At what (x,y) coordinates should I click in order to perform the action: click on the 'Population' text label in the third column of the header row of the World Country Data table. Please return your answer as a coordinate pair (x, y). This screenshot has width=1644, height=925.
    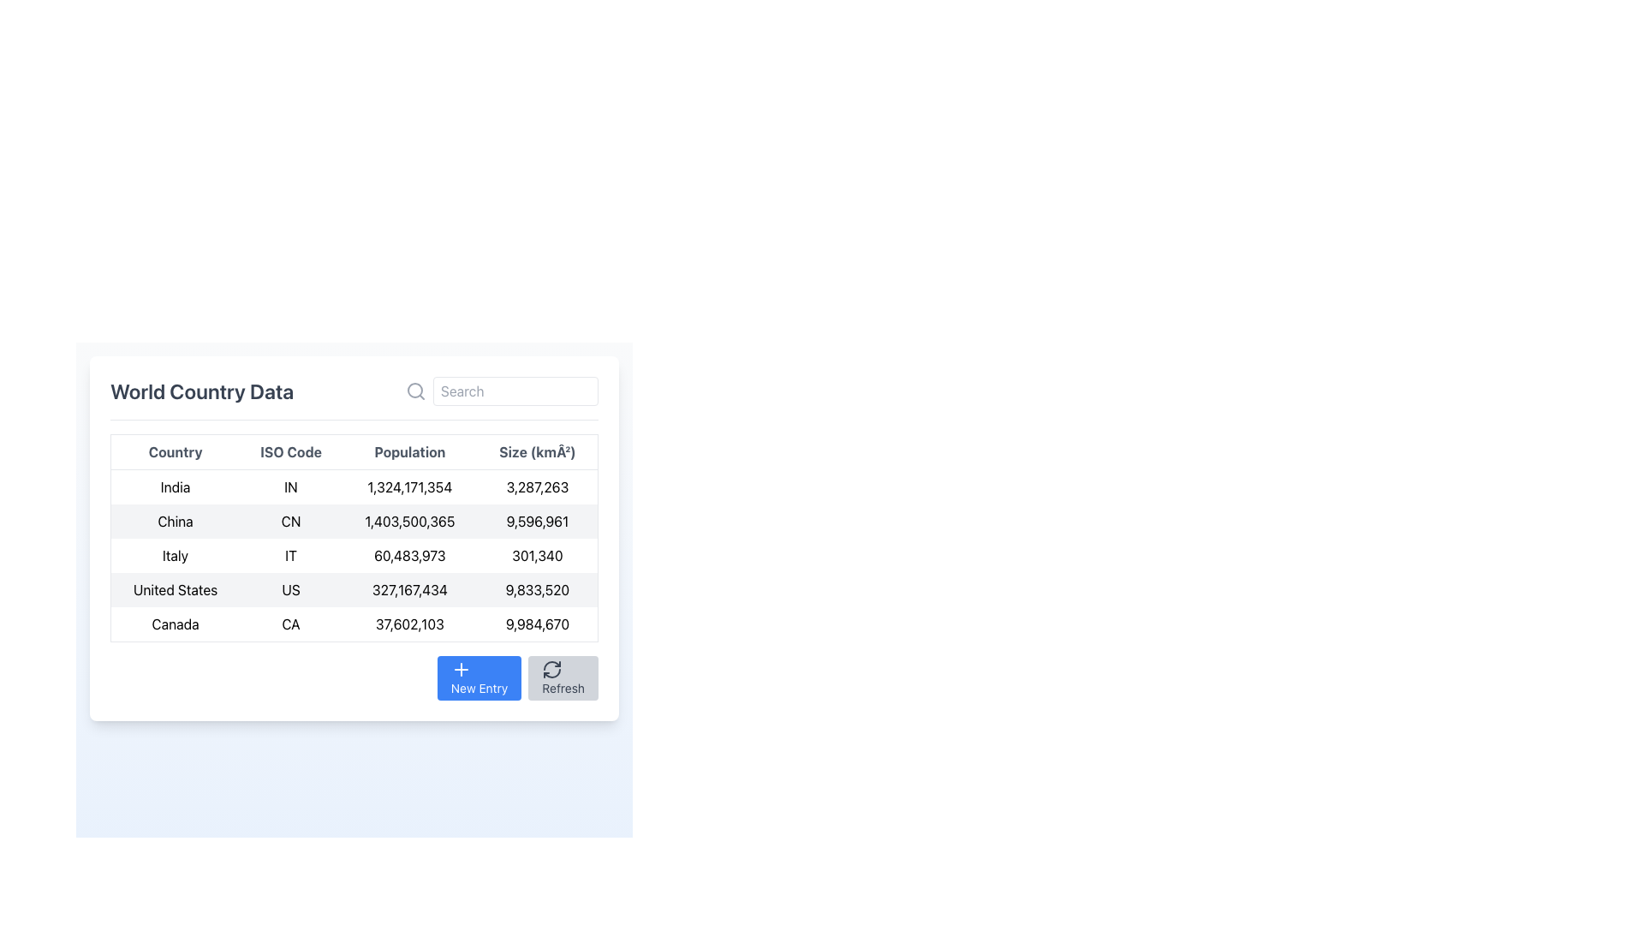
    Looking at the image, I should click on (408, 451).